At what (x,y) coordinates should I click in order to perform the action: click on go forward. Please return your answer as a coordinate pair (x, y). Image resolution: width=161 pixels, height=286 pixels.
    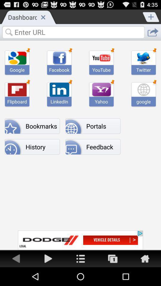
    Looking at the image, I should click on (48, 258).